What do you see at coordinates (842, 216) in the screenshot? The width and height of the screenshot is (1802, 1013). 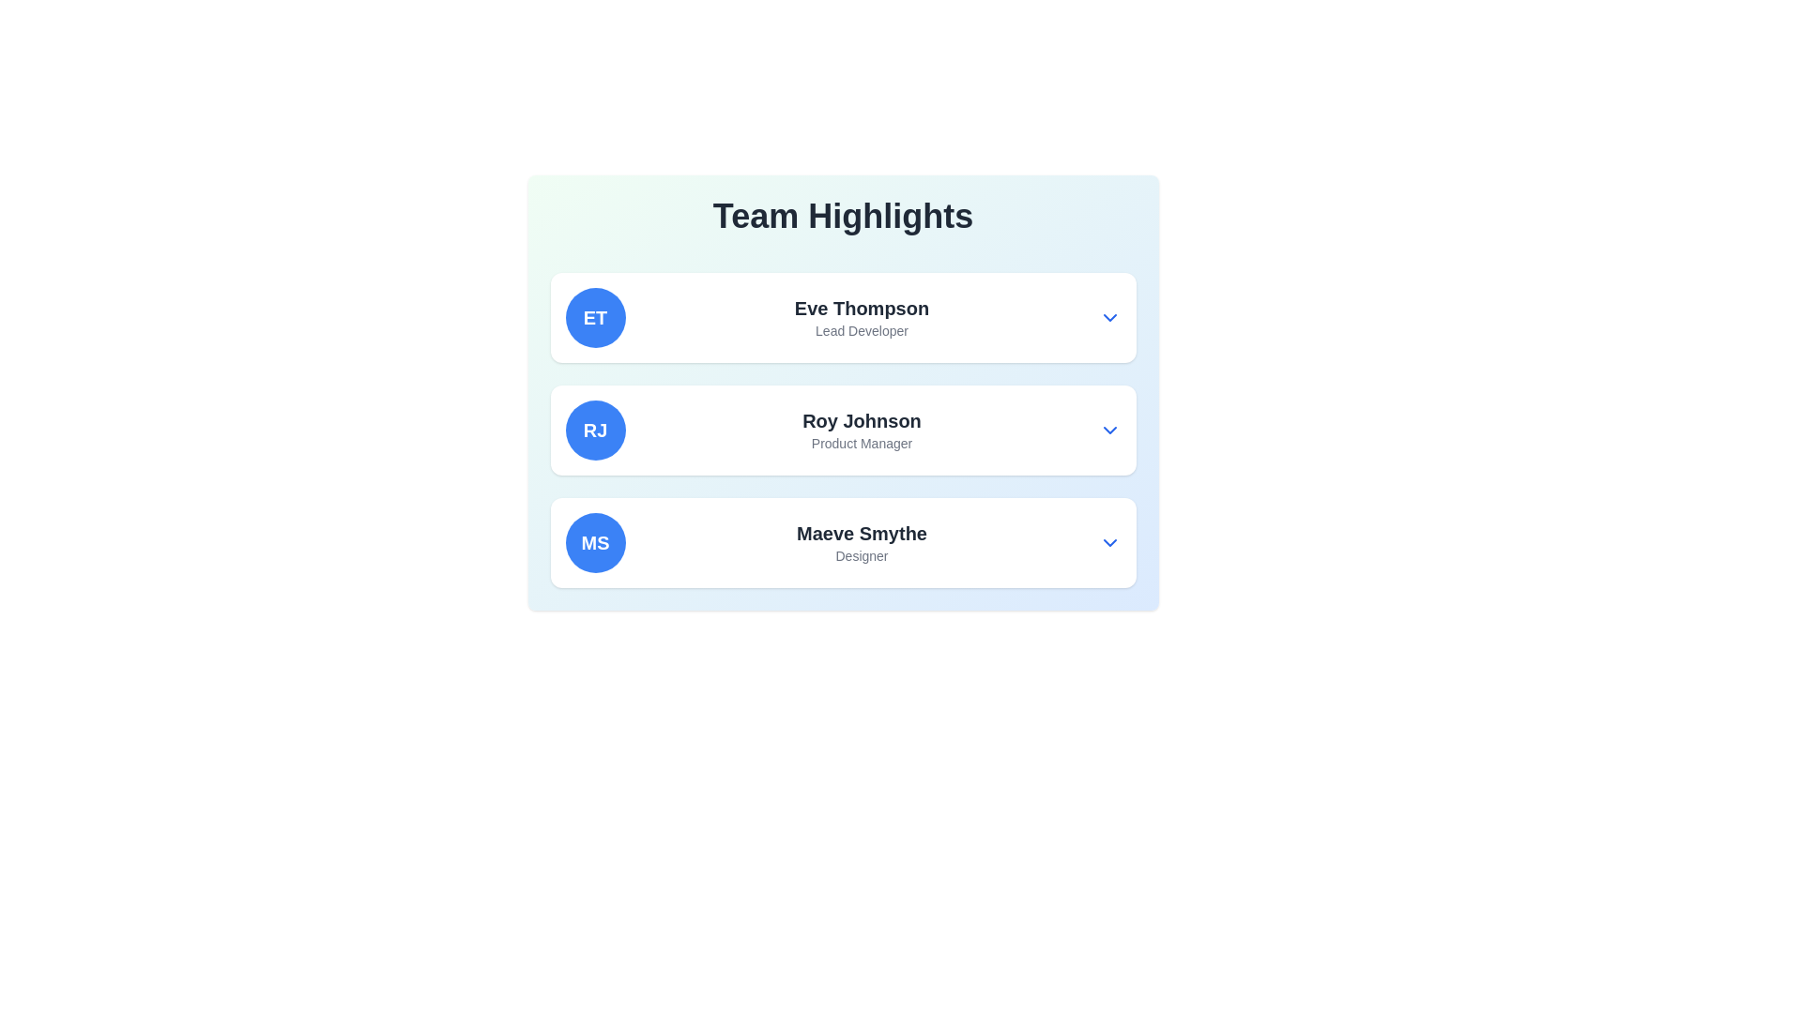 I see `text from the header element that indicates the context of the content below, which is a list of team highlights` at bounding box center [842, 216].